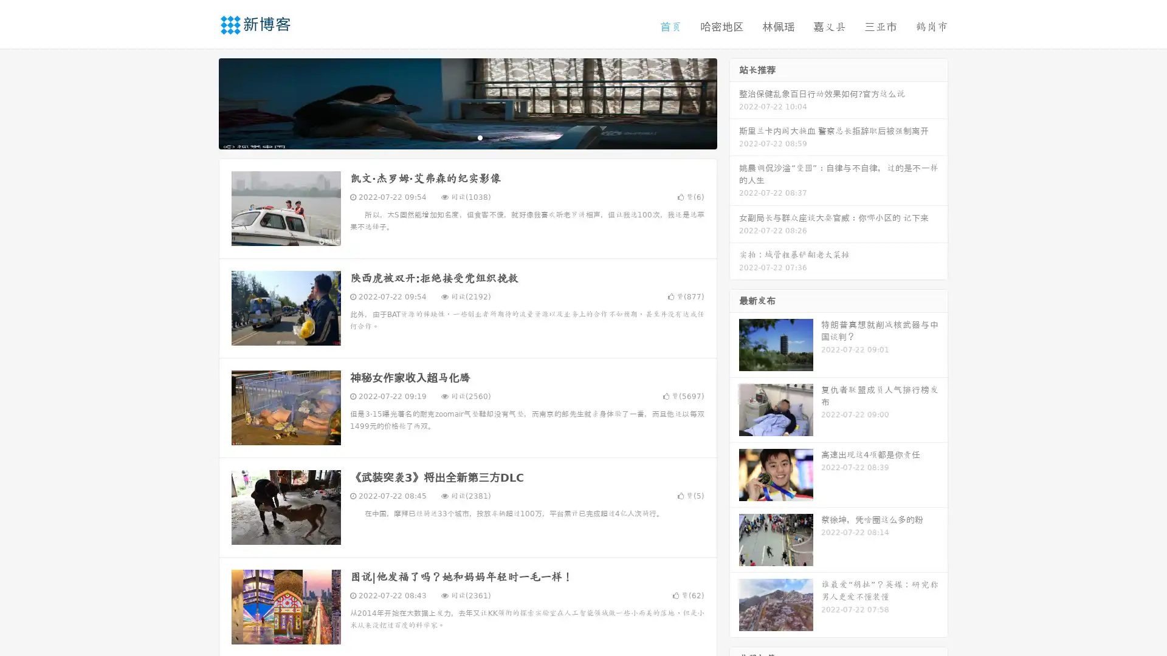 The image size is (1167, 656). What do you see at coordinates (467, 137) in the screenshot?
I see `Go to slide 2` at bounding box center [467, 137].